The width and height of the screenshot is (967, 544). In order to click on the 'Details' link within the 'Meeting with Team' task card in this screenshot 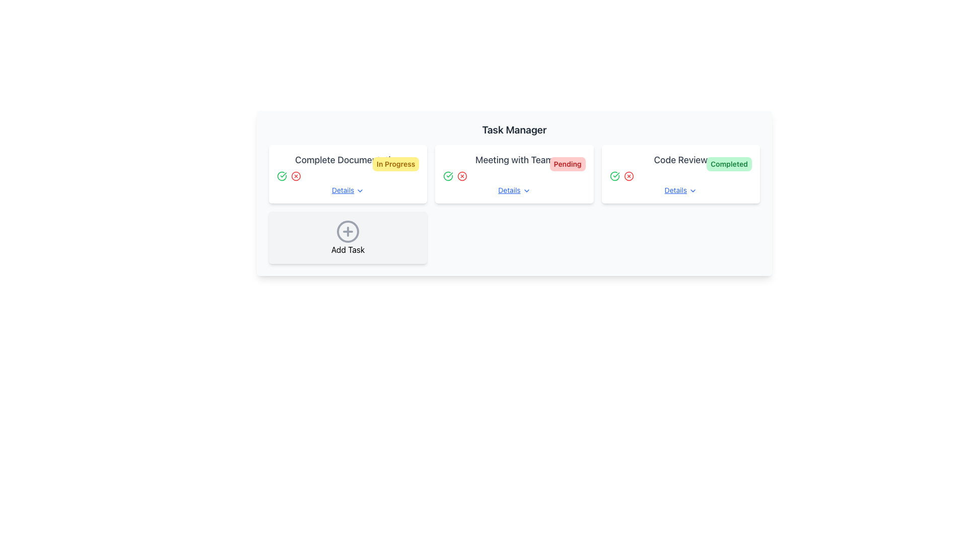, I will do `click(514, 174)`.